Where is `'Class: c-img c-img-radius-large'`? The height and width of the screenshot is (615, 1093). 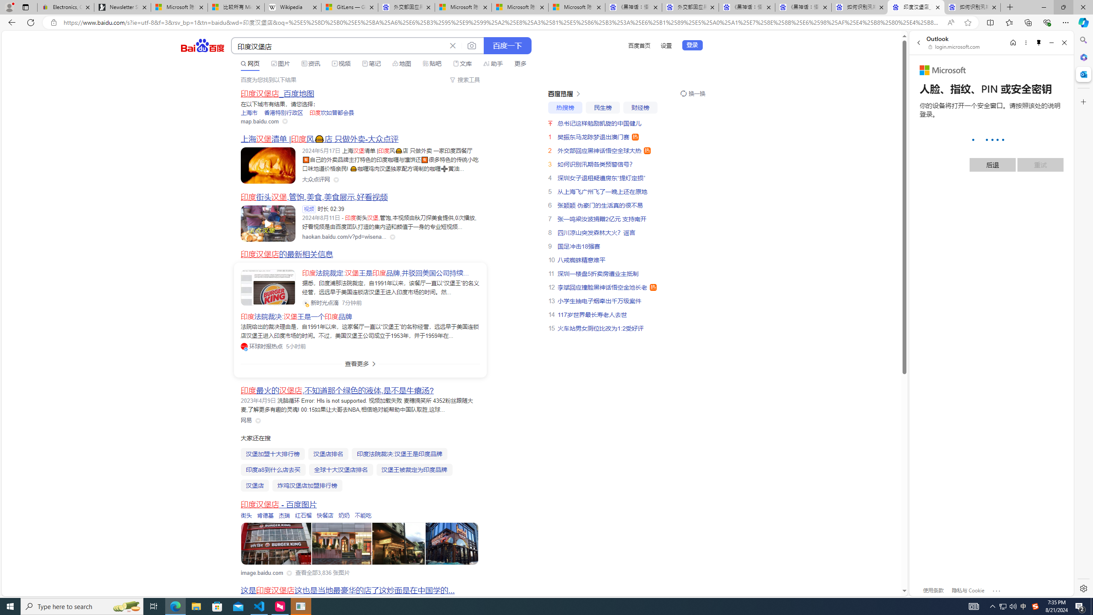 'Class: c-img c-img-radius-large' is located at coordinates (268, 287).